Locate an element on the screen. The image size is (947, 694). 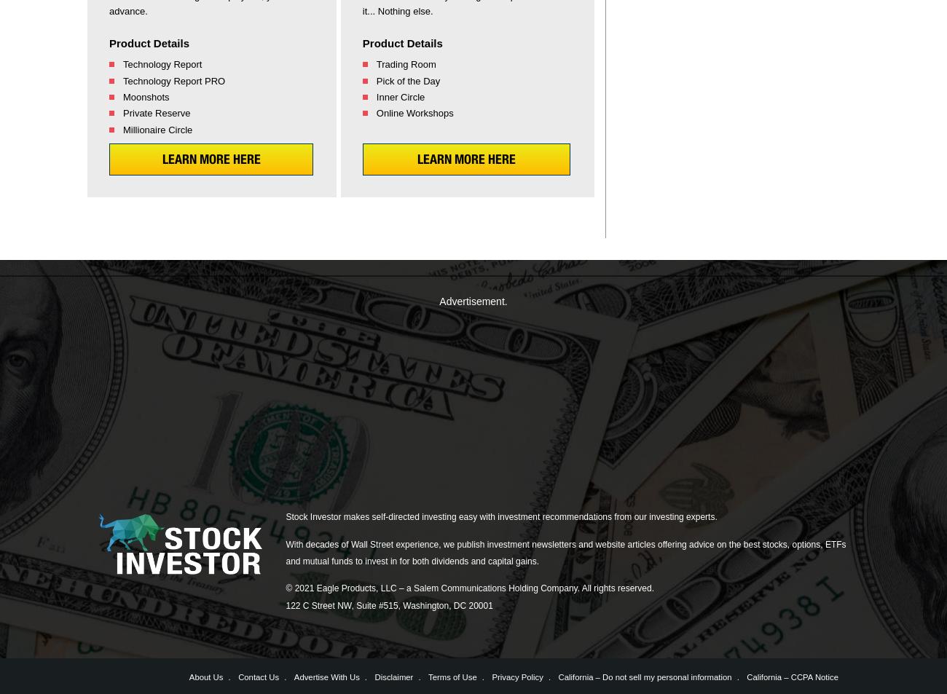
'Trading Room' is located at coordinates (405, 63).